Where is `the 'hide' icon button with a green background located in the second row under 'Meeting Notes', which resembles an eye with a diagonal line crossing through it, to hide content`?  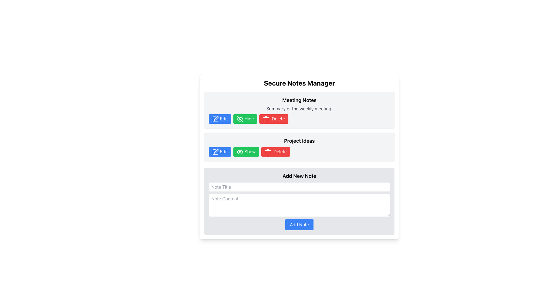
the 'hide' icon button with a green background located in the second row under 'Meeting Notes', which resembles an eye with a diagonal line crossing through it, to hide content is located at coordinates (240, 119).